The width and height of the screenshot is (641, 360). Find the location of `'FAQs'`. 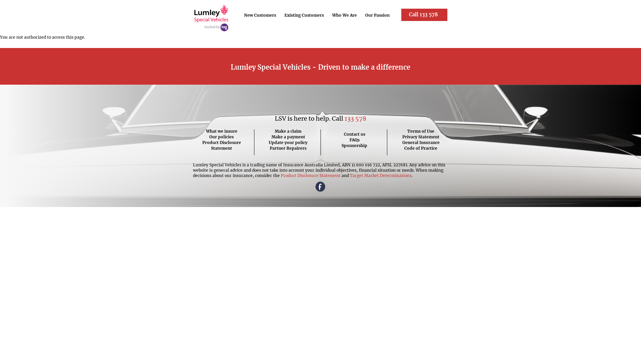

'FAQs' is located at coordinates (354, 139).